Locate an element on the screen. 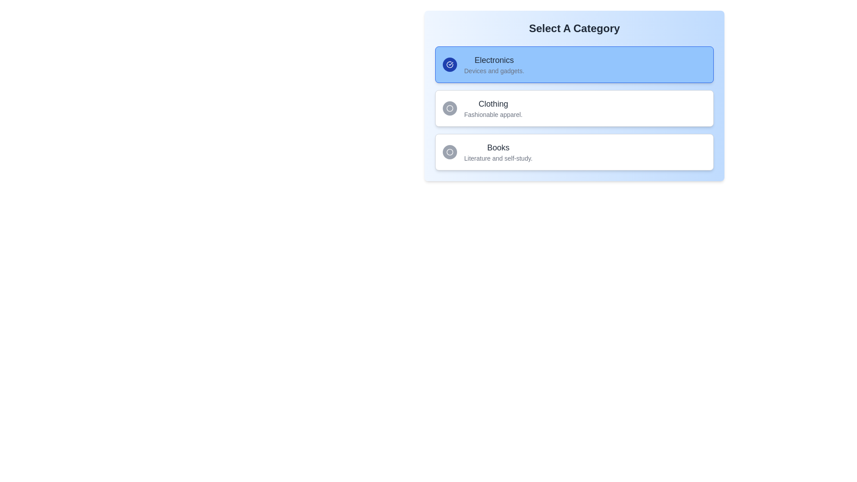 This screenshot has height=482, width=857. the 'Books' selectable card for keyboard navigation is located at coordinates (574, 151).